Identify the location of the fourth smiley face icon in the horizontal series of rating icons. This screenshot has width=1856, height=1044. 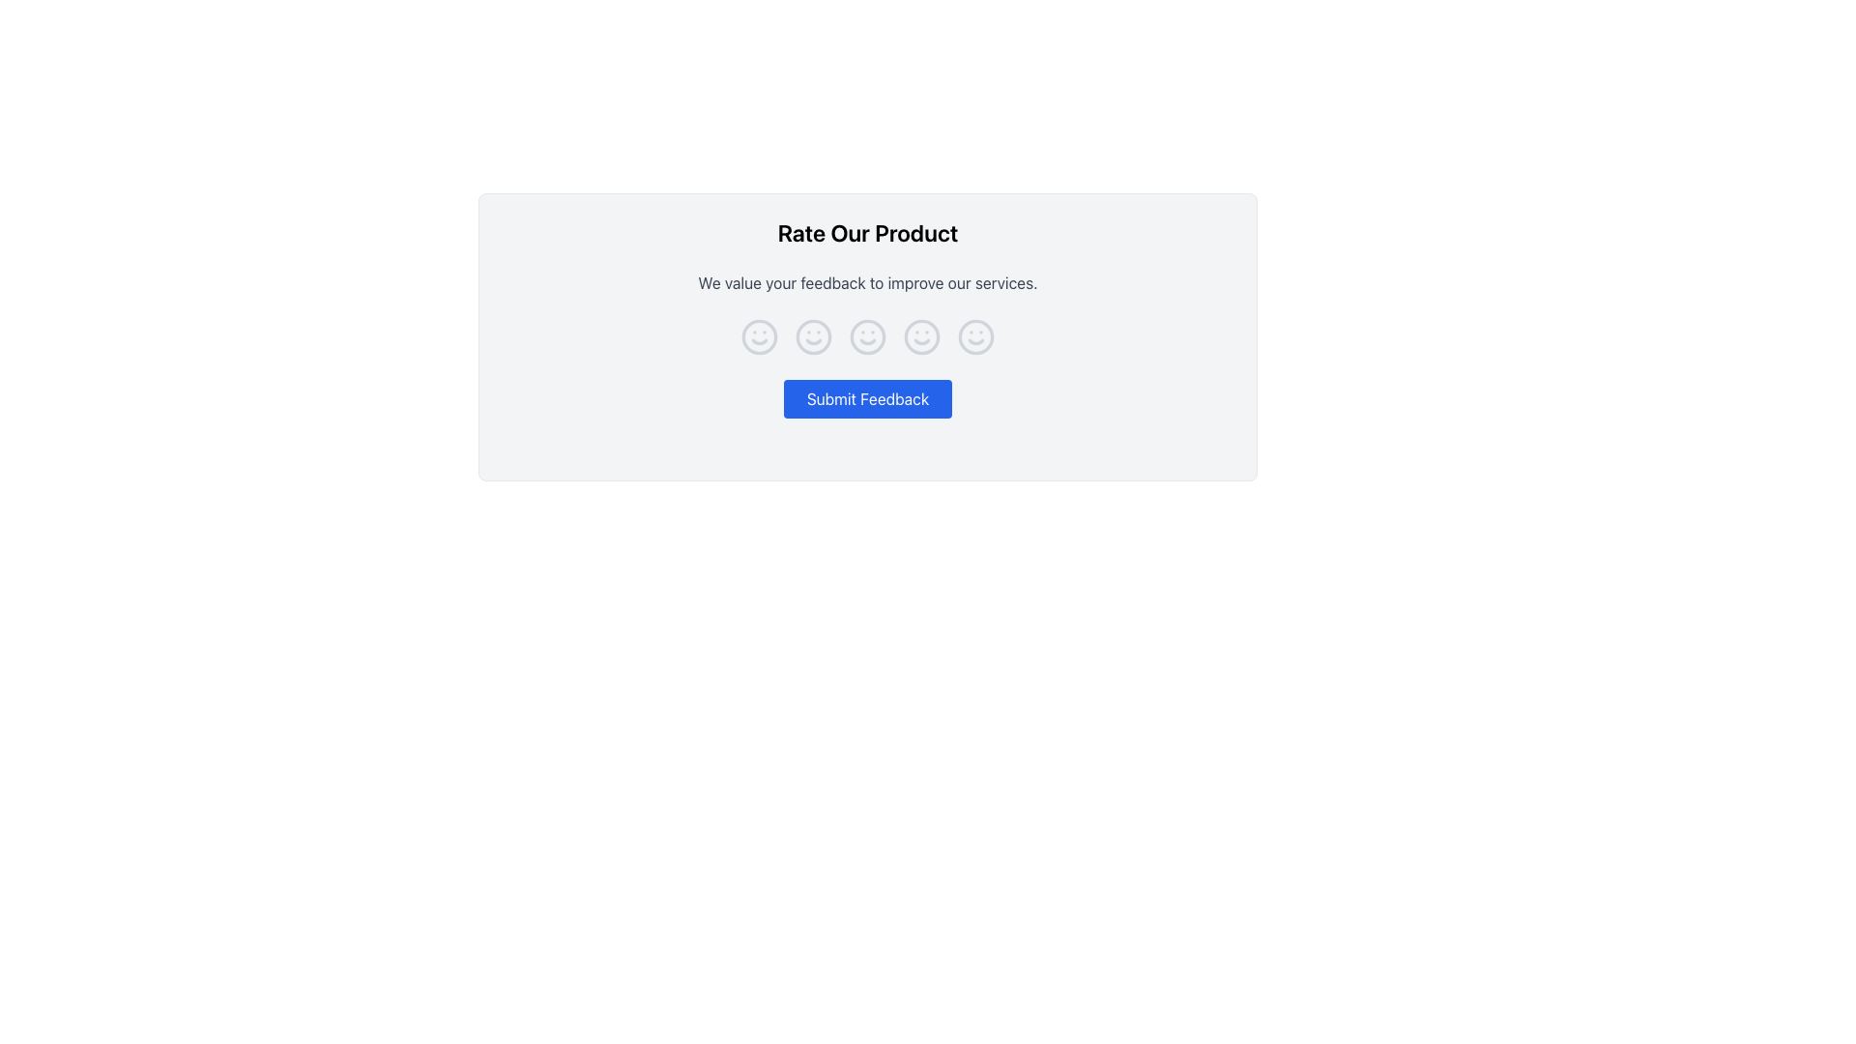
(921, 335).